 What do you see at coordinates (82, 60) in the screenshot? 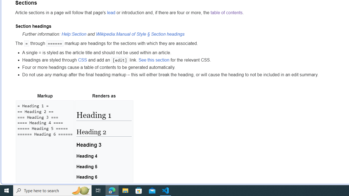
I see `'CSS'` at bounding box center [82, 60].